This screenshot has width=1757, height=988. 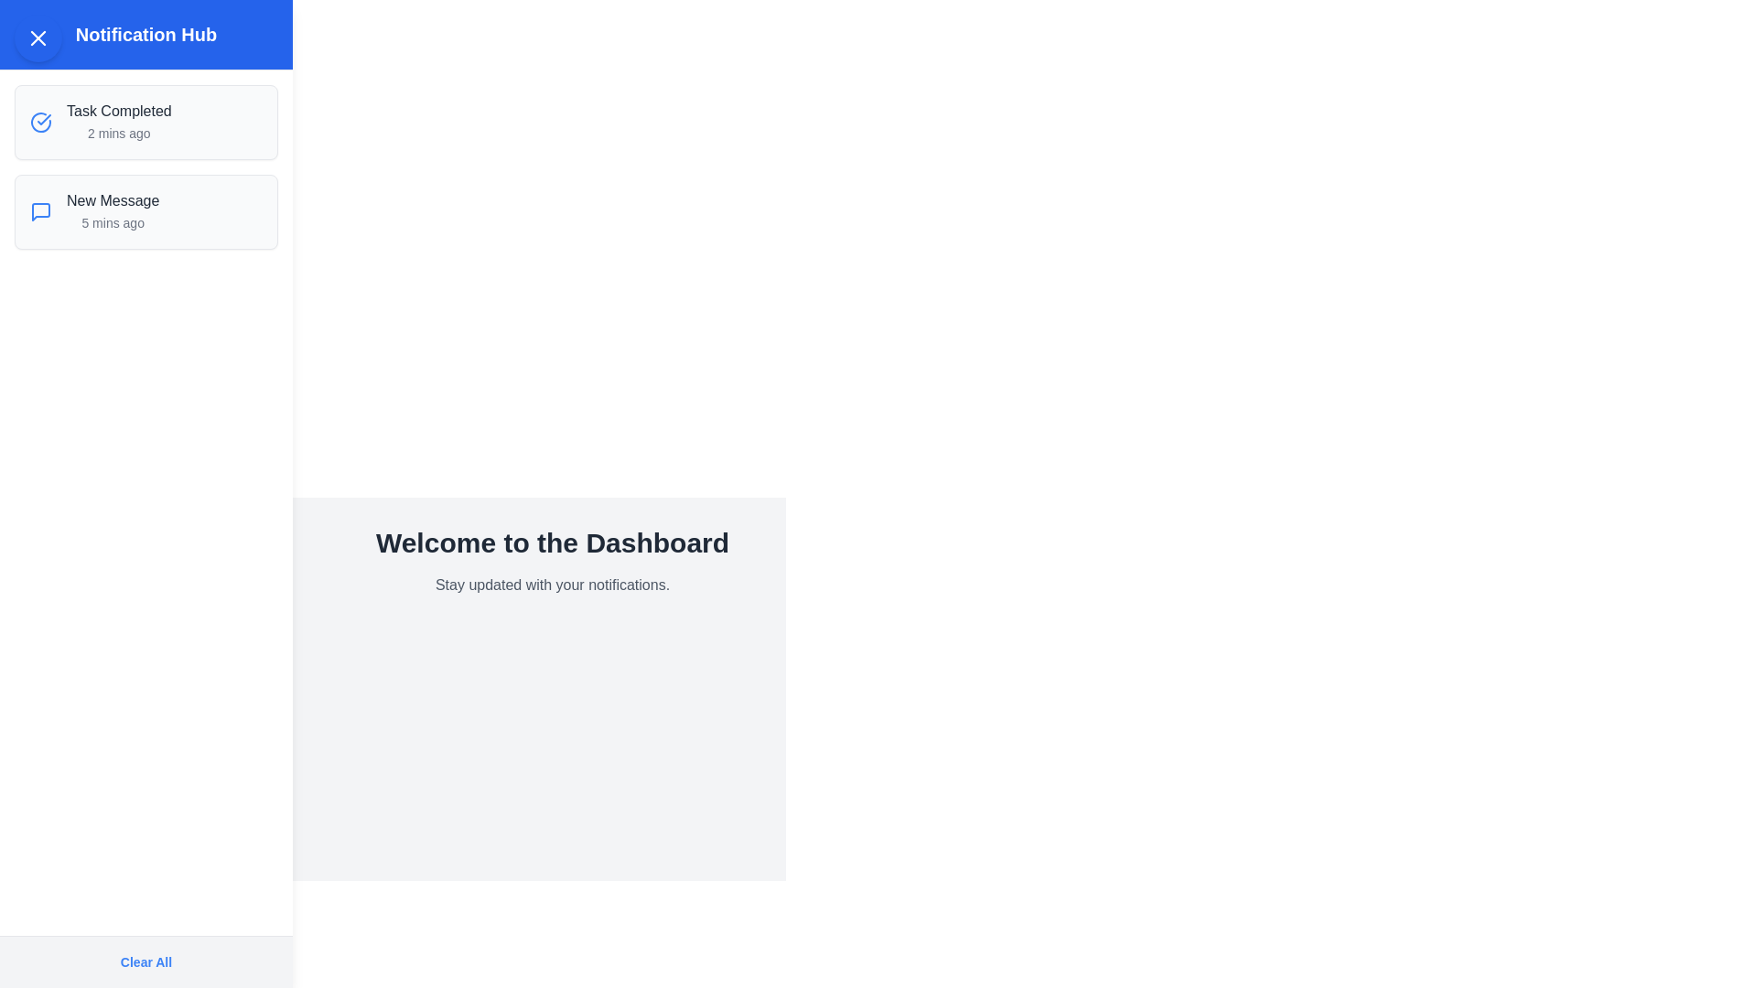 What do you see at coordinates (40, 210) in the screenshot?
I see `the speech bubble icon located to the left of the text 'New Message' in the second notification item under the 'Notification Hub' header` at bounding box center [40, 210].